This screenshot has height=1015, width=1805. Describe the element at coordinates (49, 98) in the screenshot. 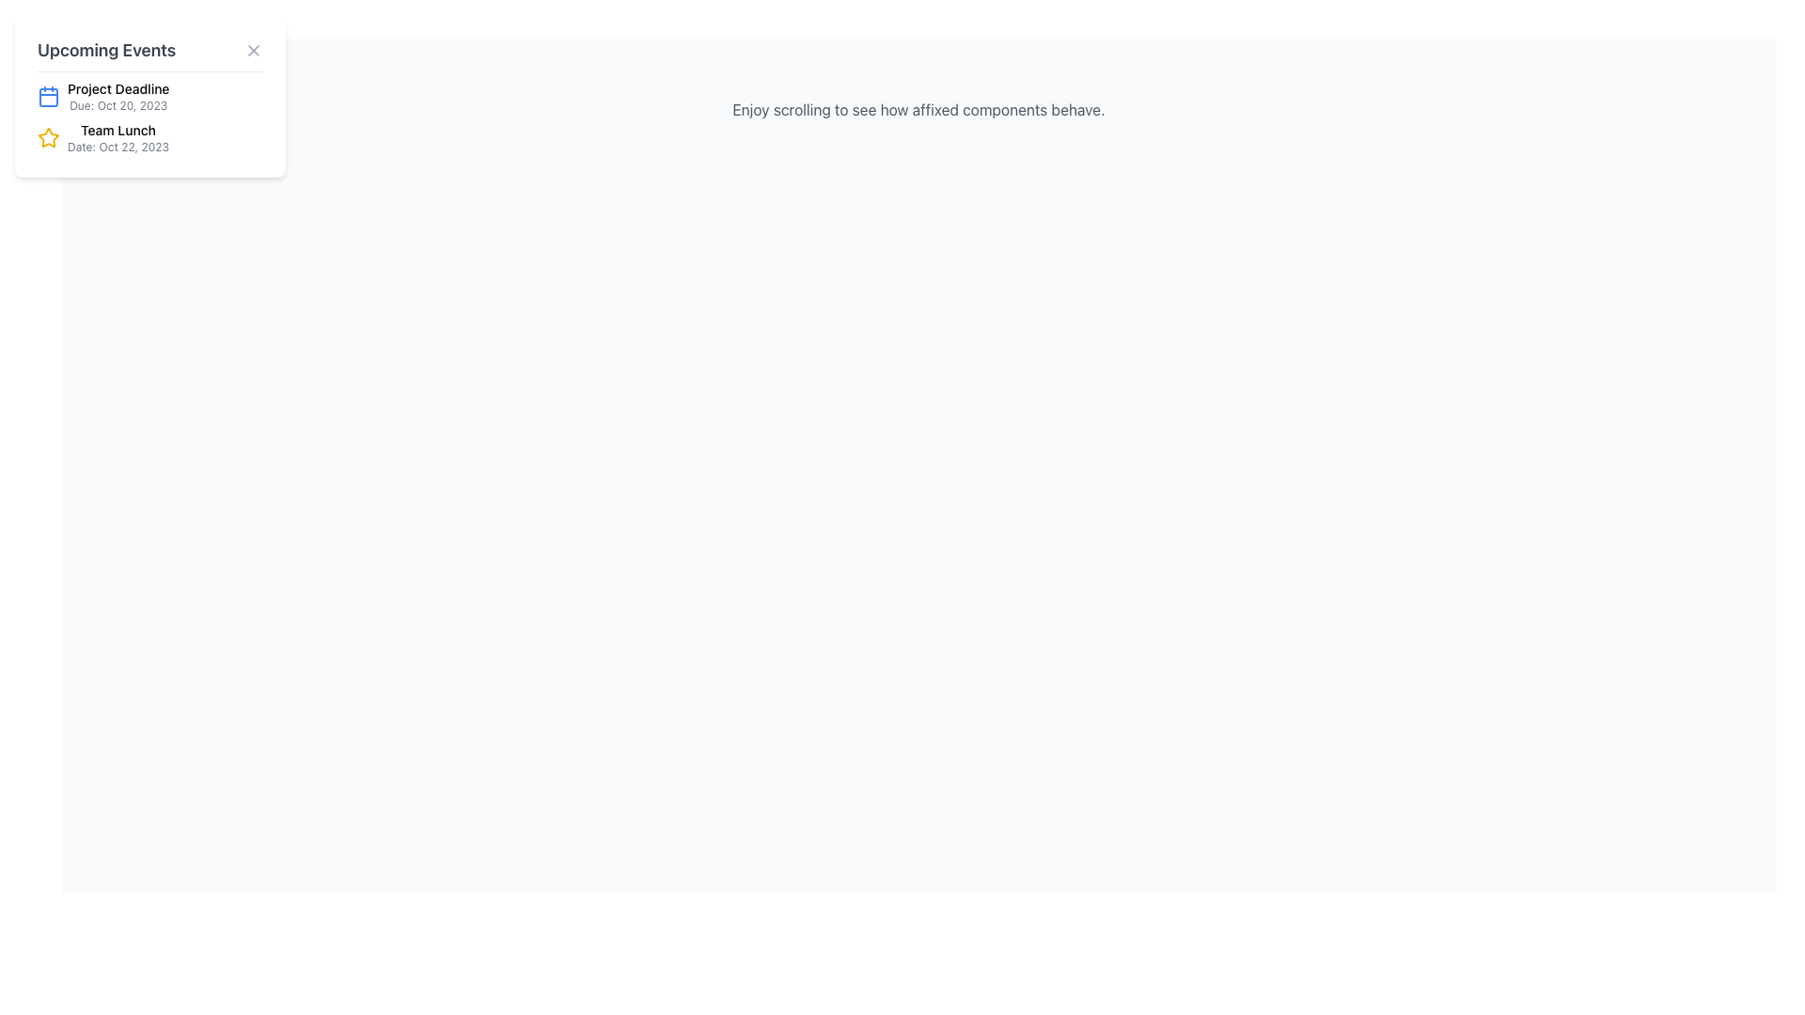

I see `the calendar icon which has a rectangular shape with rounded corners, located next to the text 'Project Deadline' in the 'Upcoming Events' section` at that location.